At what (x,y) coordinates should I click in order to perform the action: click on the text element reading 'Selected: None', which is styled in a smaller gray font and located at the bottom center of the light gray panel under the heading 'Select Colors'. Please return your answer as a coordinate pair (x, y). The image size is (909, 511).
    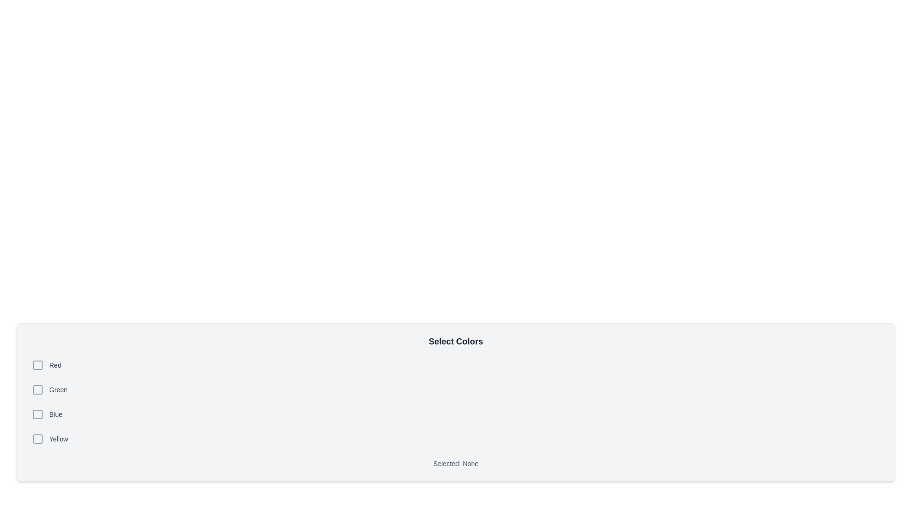
    Looking at the image, I should click on (456, 463).